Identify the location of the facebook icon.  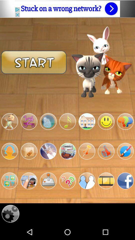
(125, 193).